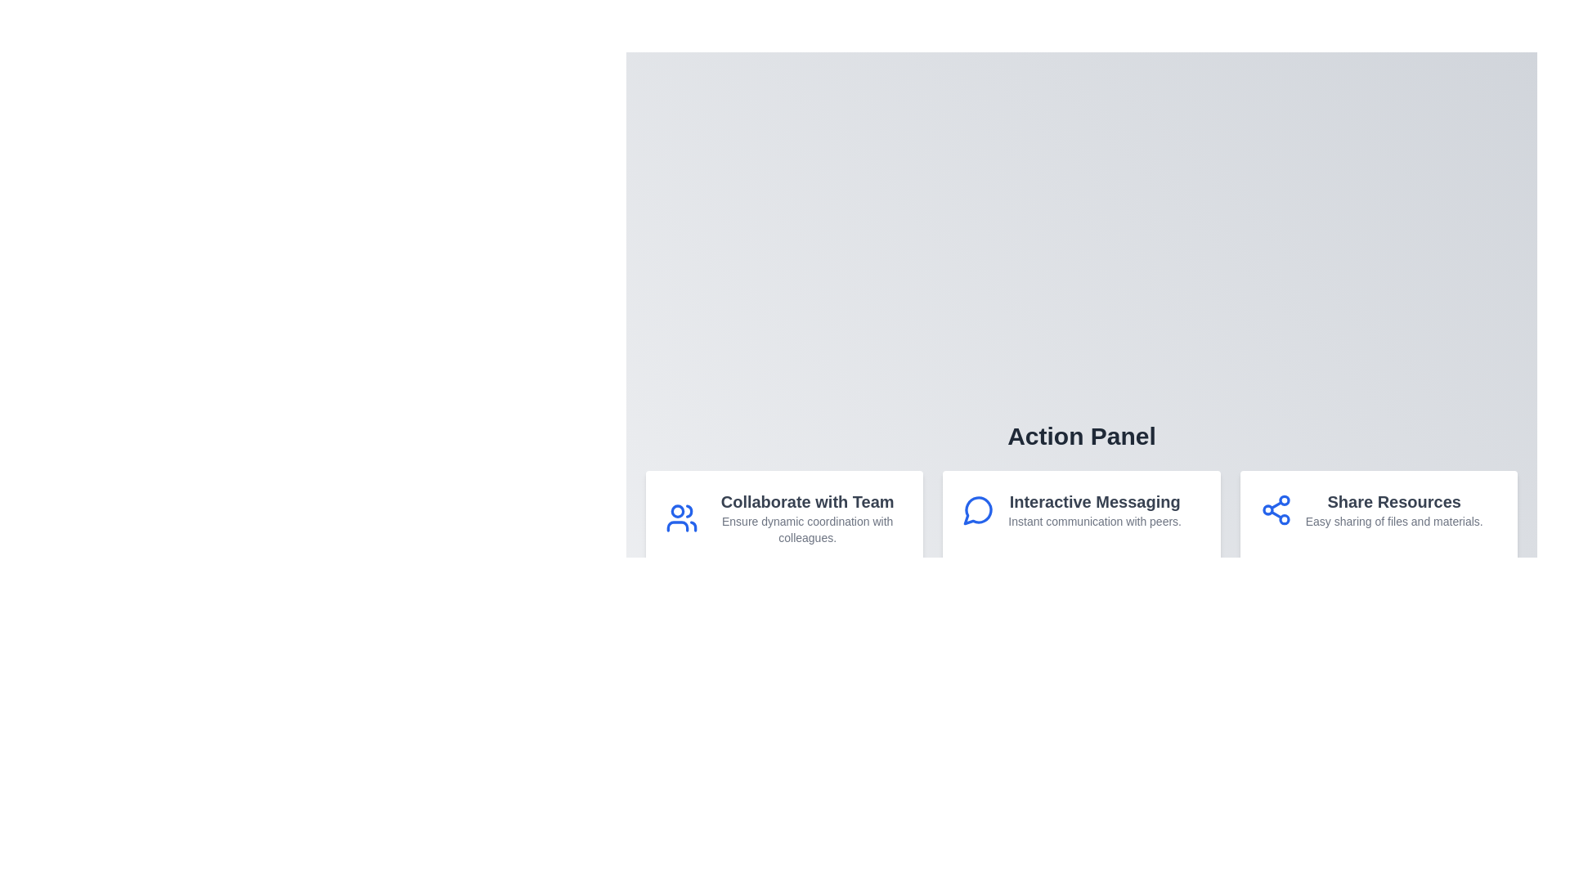  I want to click on the blue linear stroke SVG icon resembling a user's profile in the 'Collaborate with Team' section, so click(689, 510).